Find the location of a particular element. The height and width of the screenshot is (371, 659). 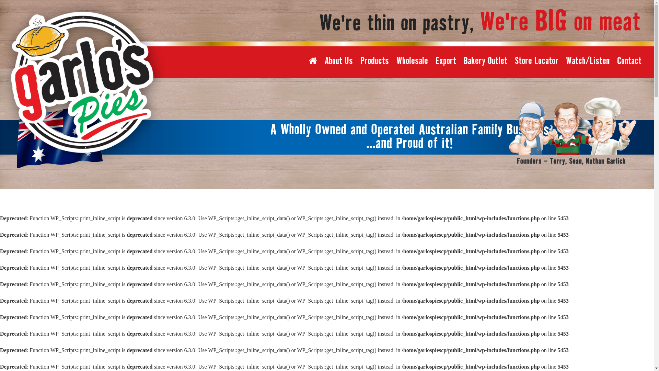

'Watch/Listen' is located at coordinates (587, 61).